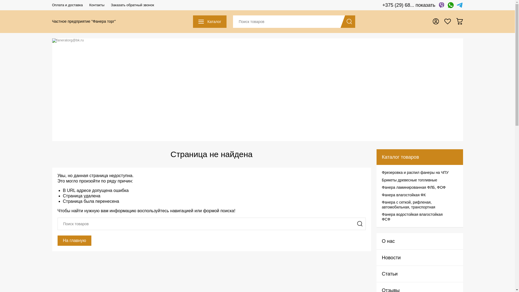 Image resolution: width=519 pixels, height=292 pixels. Describe the element at coordinates (441, 5) in the screenshot. I see `'Viber'` at that location.